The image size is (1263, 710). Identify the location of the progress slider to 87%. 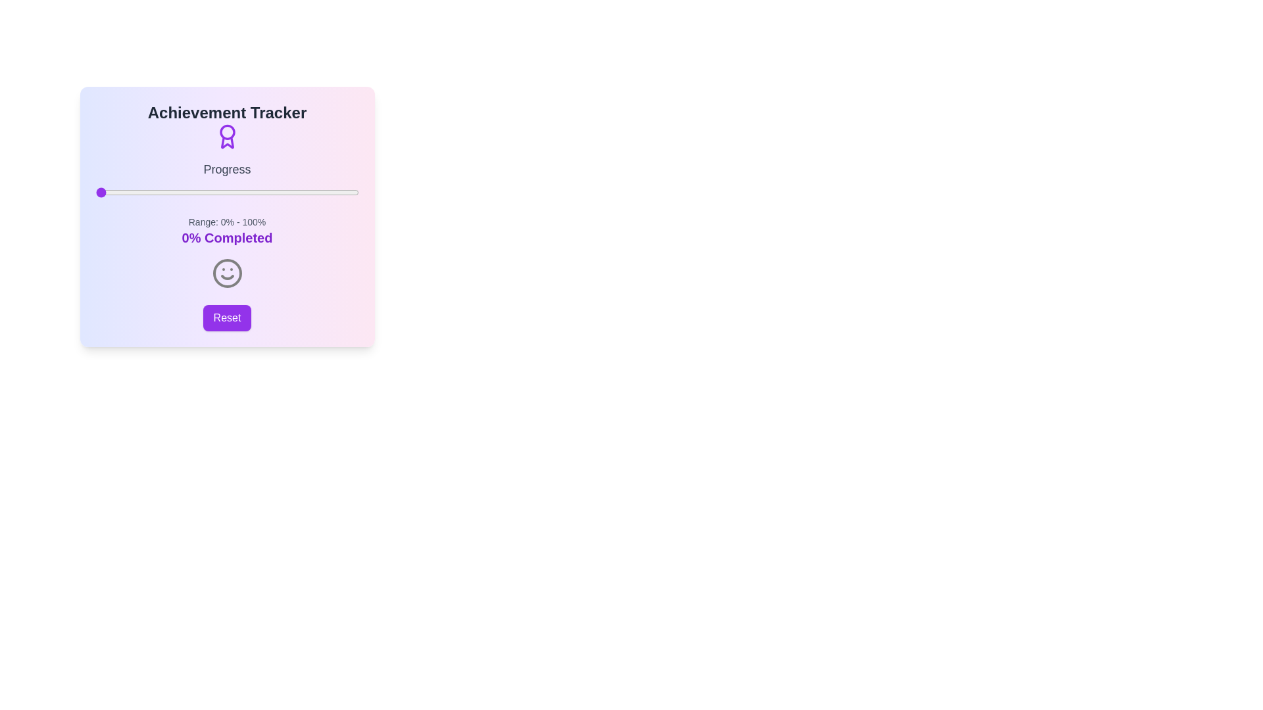
(324, 193).